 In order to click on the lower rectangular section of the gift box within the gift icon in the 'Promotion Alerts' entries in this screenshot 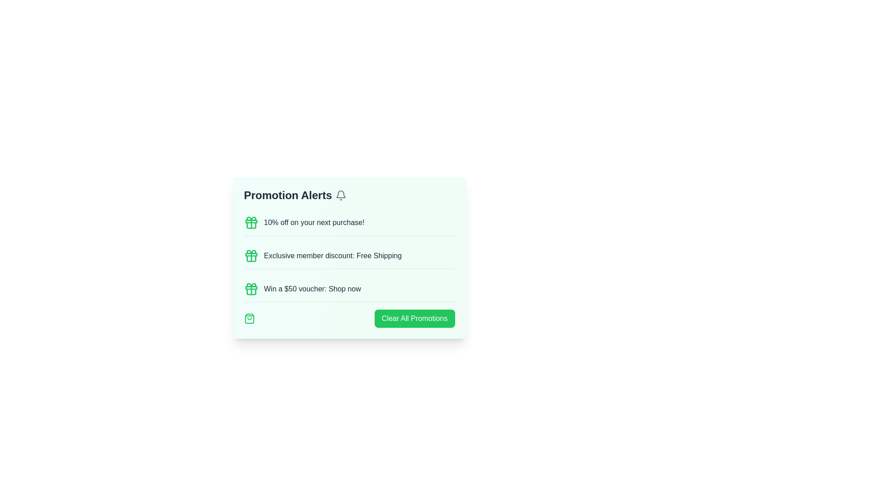, I will do `click(251, 255)`.